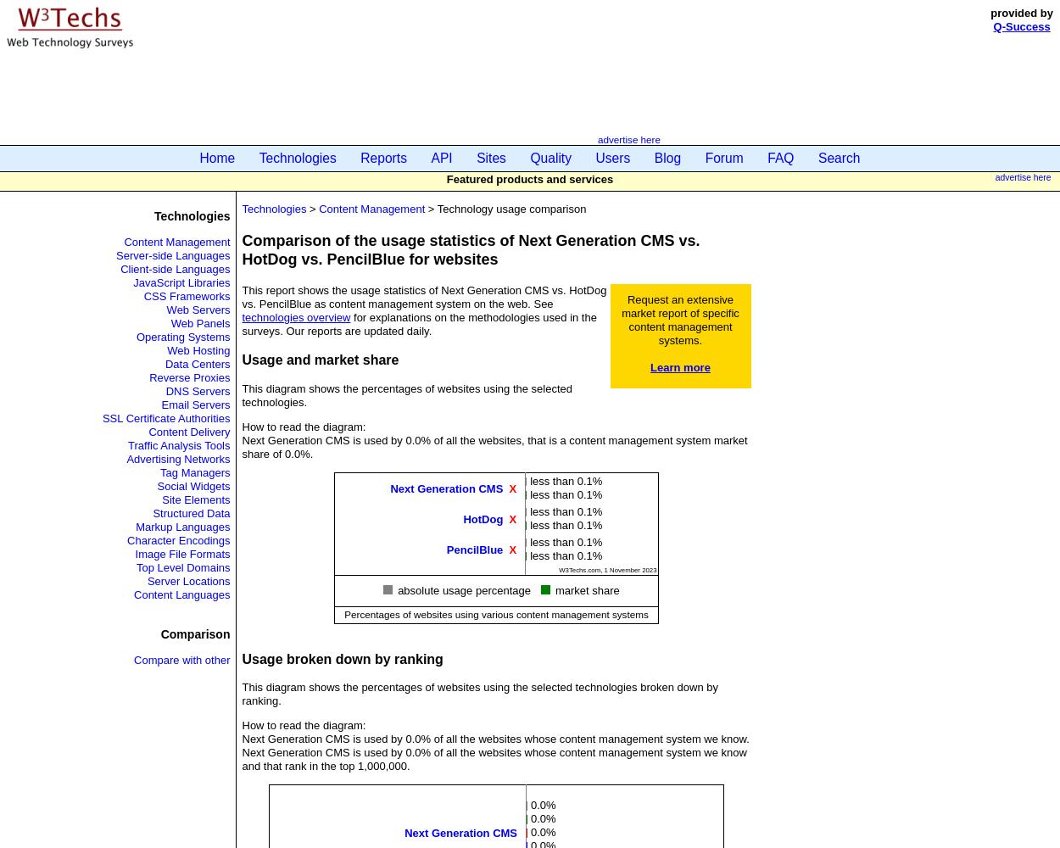  What do you see at coordinates (242, 316) in the screenshot?
I see `'technologies overview'` at bounding box center [242, 316].